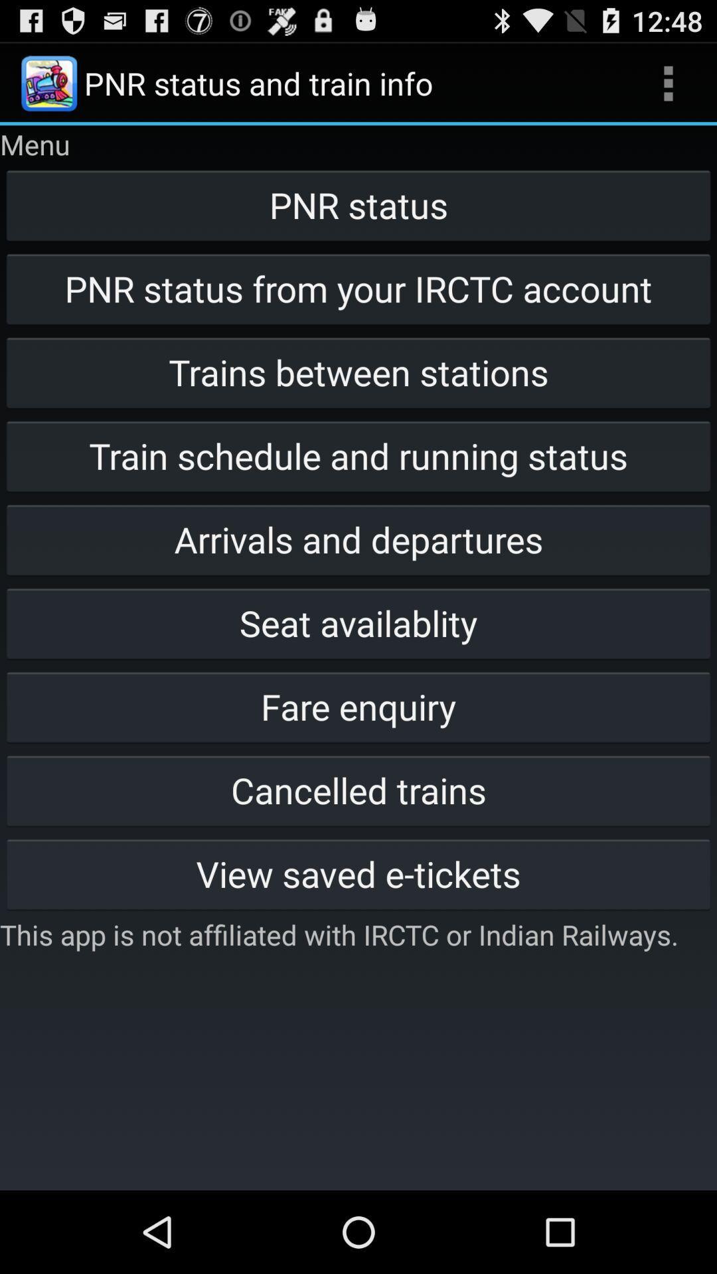 The height and width of the screenshot is (1274, 717). I want to click on icon above the cancelled trains icon, so click(358, 706).